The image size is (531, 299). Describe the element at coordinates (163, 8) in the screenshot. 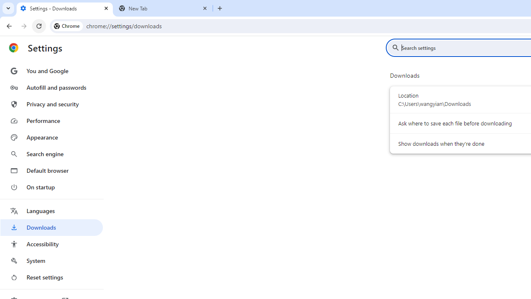

I see `'New Tab'` at that location.